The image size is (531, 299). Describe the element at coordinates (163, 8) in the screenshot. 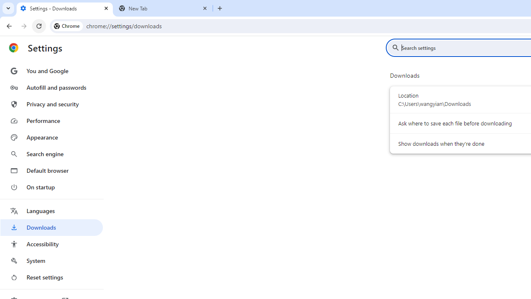

I see `'New Tab'` at that location.